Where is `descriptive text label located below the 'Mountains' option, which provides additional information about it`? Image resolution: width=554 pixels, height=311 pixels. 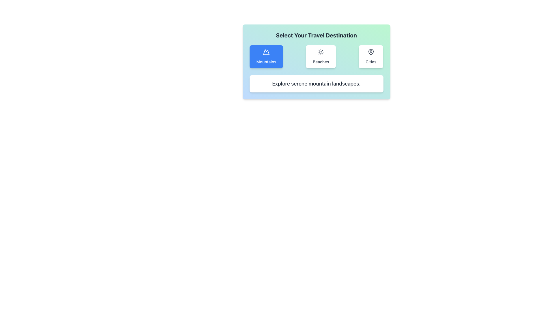
descriptive text label located below the 'Mountains' option, which provides additional information about it is located at coordinates (316, 84).